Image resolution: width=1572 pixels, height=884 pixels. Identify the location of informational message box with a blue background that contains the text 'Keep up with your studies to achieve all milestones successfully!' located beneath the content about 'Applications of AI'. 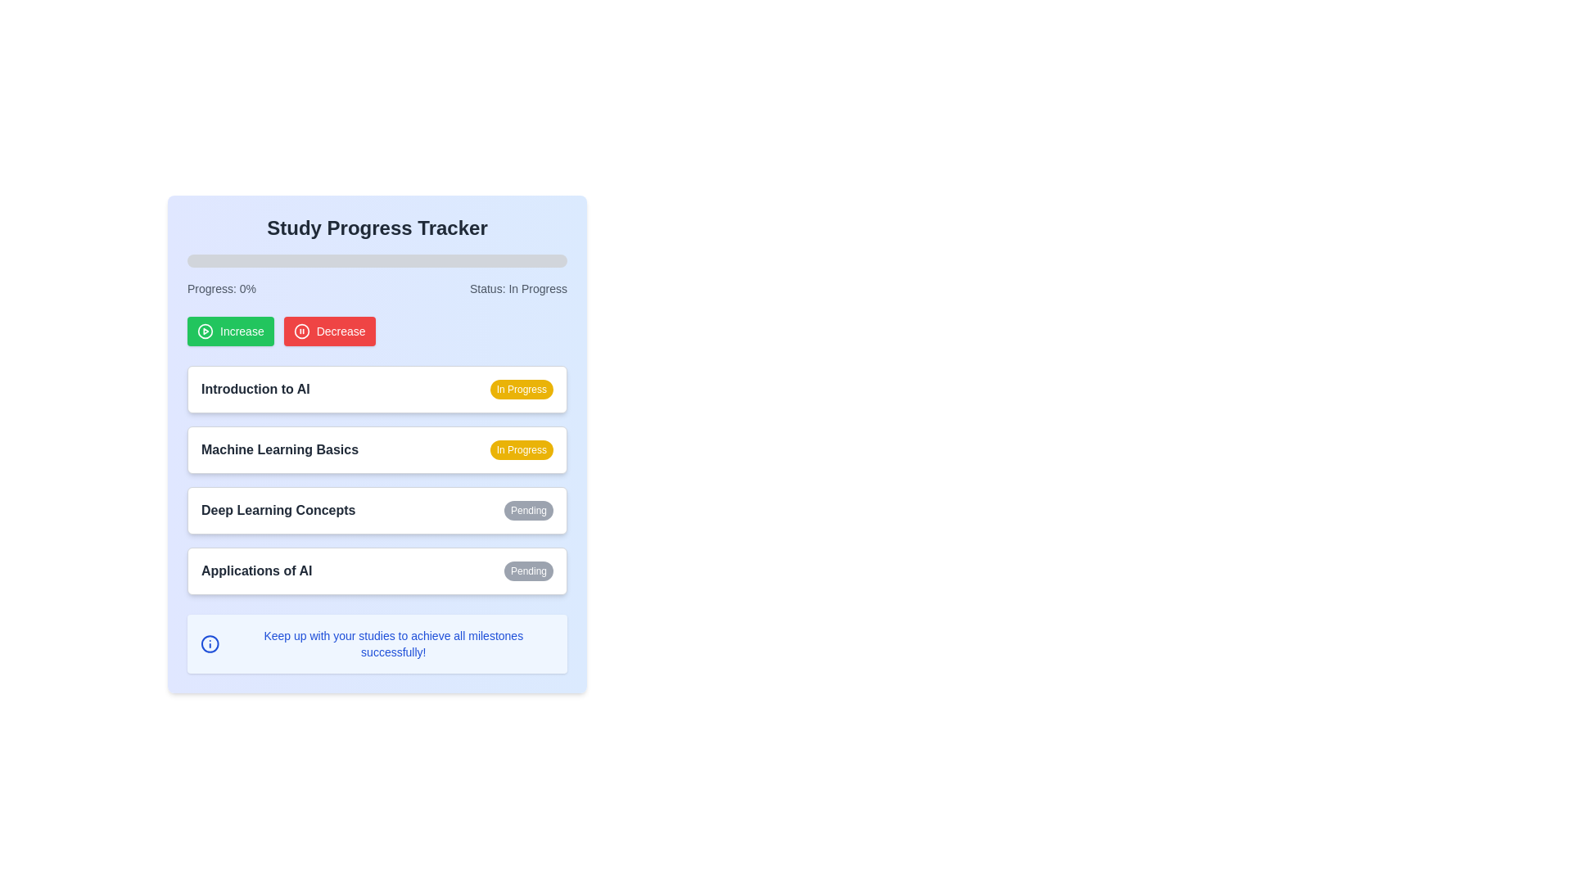
(376, 643).